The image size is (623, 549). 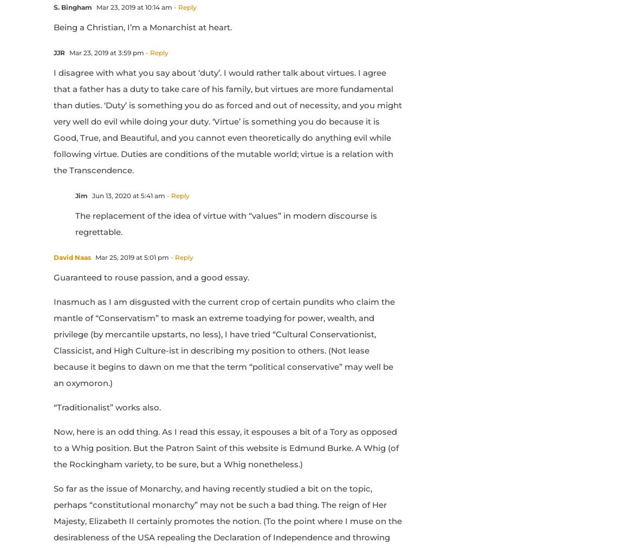 I want to click on 'Jim', so click(x=75, y=194).